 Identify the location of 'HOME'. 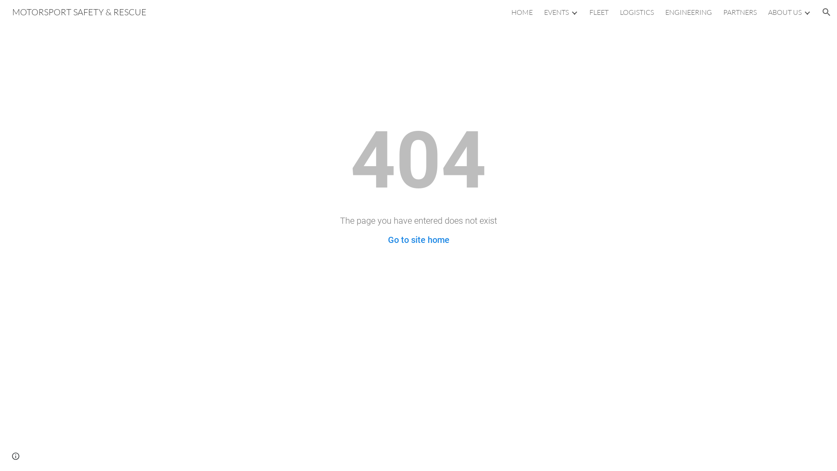
(511, 12).